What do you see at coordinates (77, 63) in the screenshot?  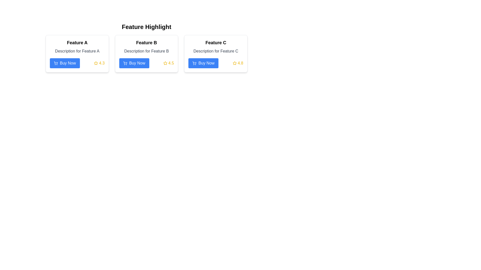 I see `the 'Buy Now' button located at the bottom of the 'Feature A' card to observe hover effects` at bounding box center [77, 63].